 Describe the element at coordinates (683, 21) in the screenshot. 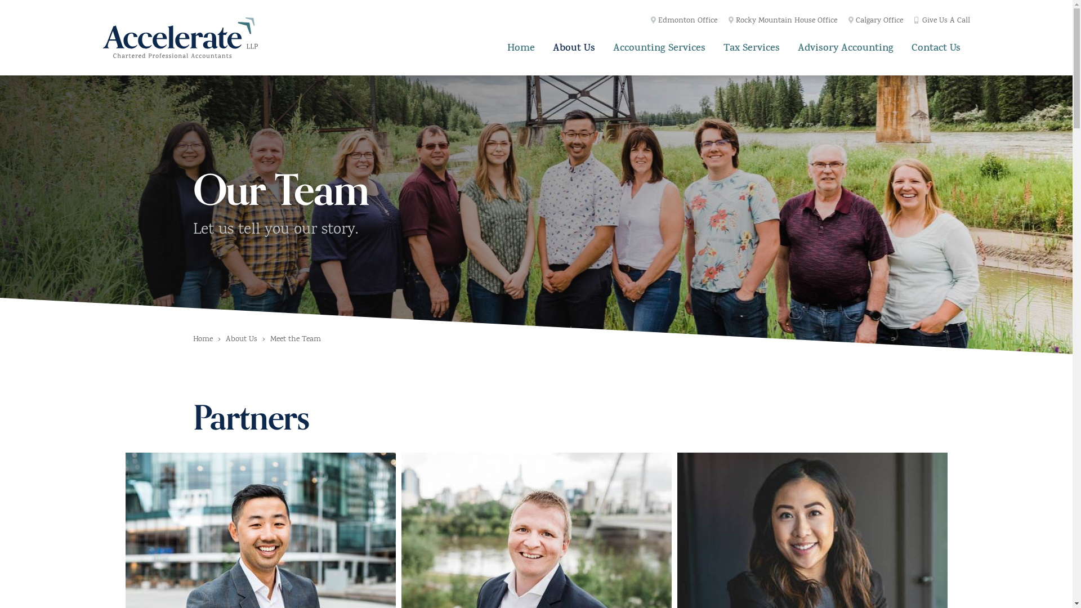

I see `'Edmonton Office'` at that location.